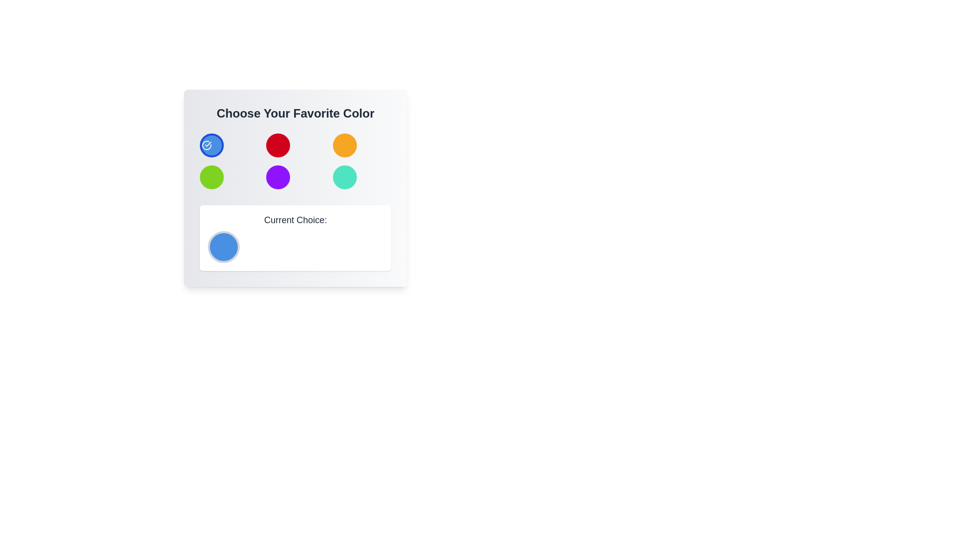 Image resolution: width=957 pixels, height=538 pixels. What do you see at coordinates (211, 176) in the screenshot?
I see `the button in the 3x3 grid structure, which is the fourth element overall and is positioned` at bounding box center [211, 176].